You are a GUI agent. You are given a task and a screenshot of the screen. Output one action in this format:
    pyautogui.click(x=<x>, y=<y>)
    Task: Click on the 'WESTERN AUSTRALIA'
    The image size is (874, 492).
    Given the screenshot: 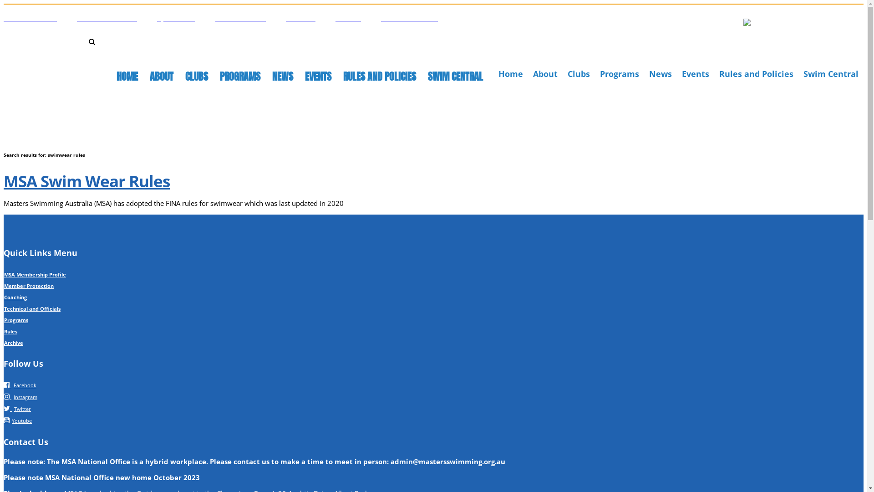 What is the action you would take?
    pyautogui.click(x=409, y=17)
    